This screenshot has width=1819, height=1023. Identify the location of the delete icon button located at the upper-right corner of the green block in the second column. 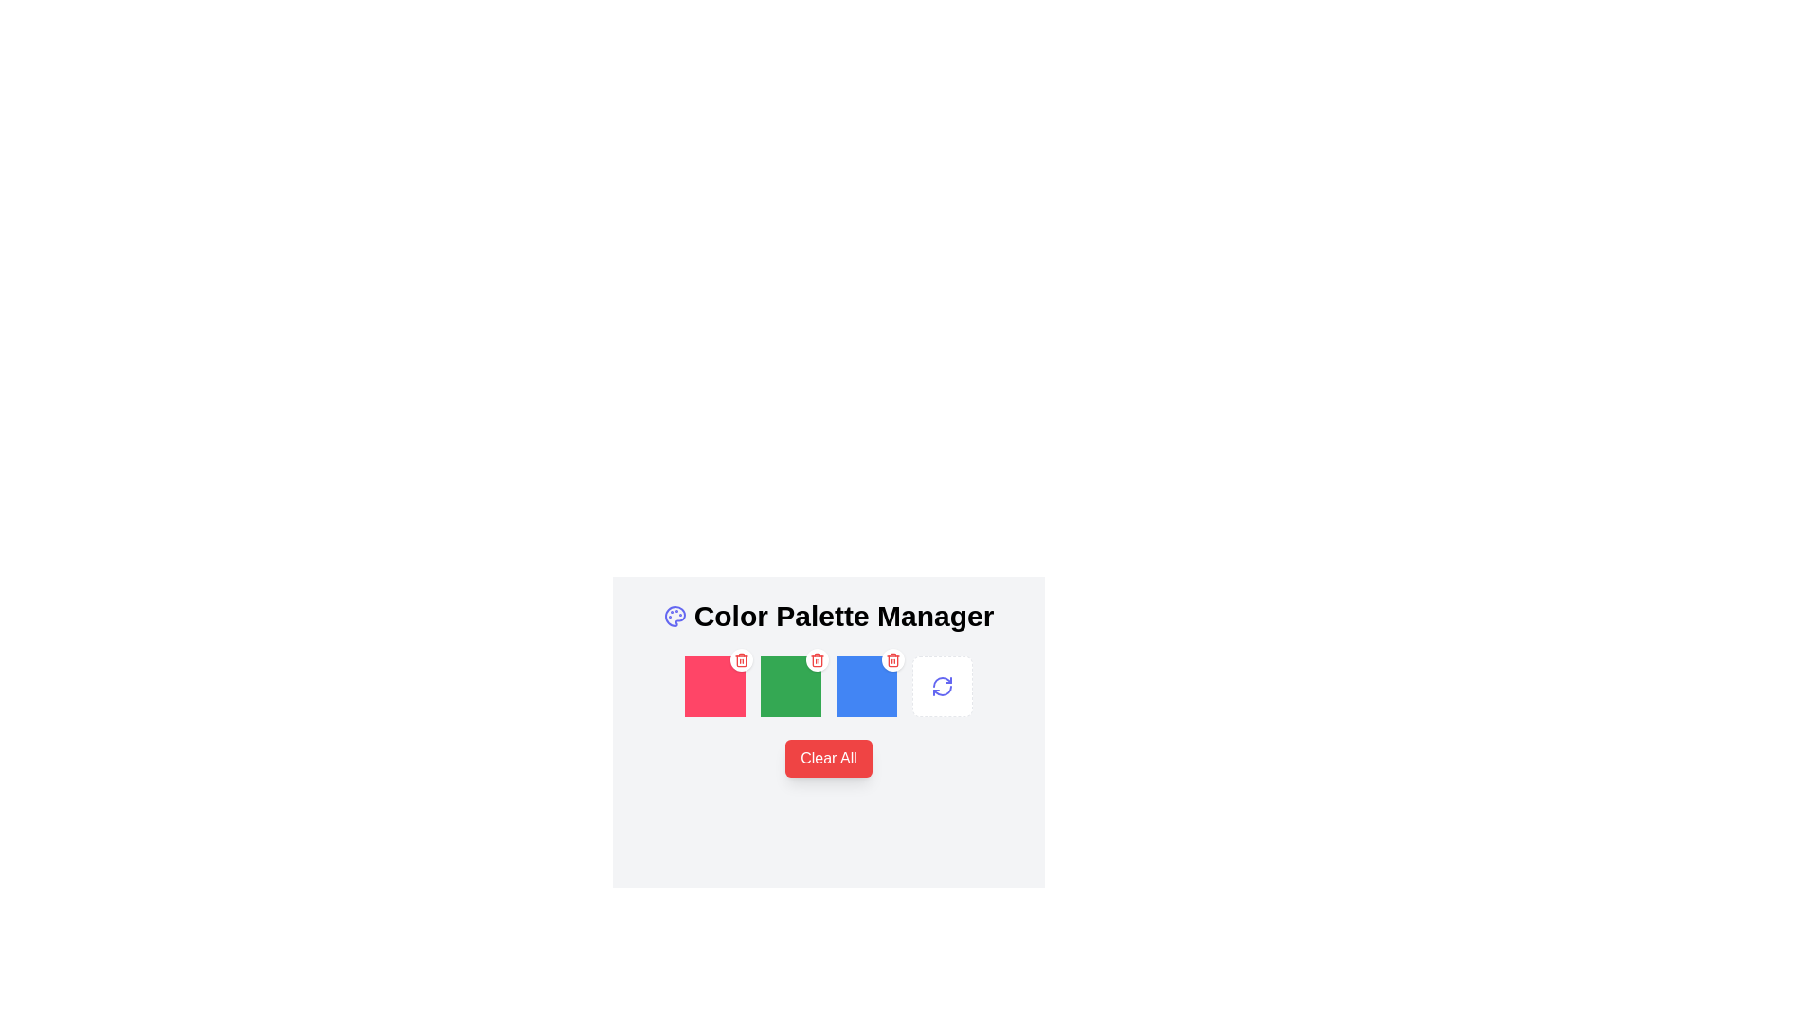
(740, 659).